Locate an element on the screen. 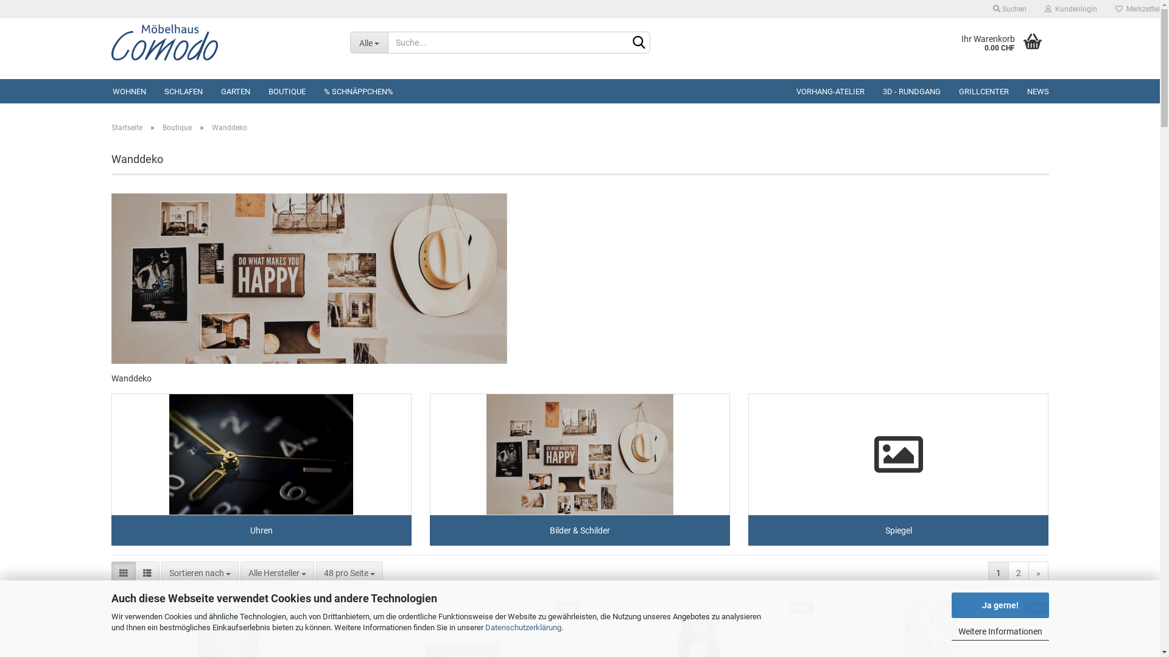 The image size is (1169, 657). 'GRILLCENTER' is located at coordinates (949, 91).